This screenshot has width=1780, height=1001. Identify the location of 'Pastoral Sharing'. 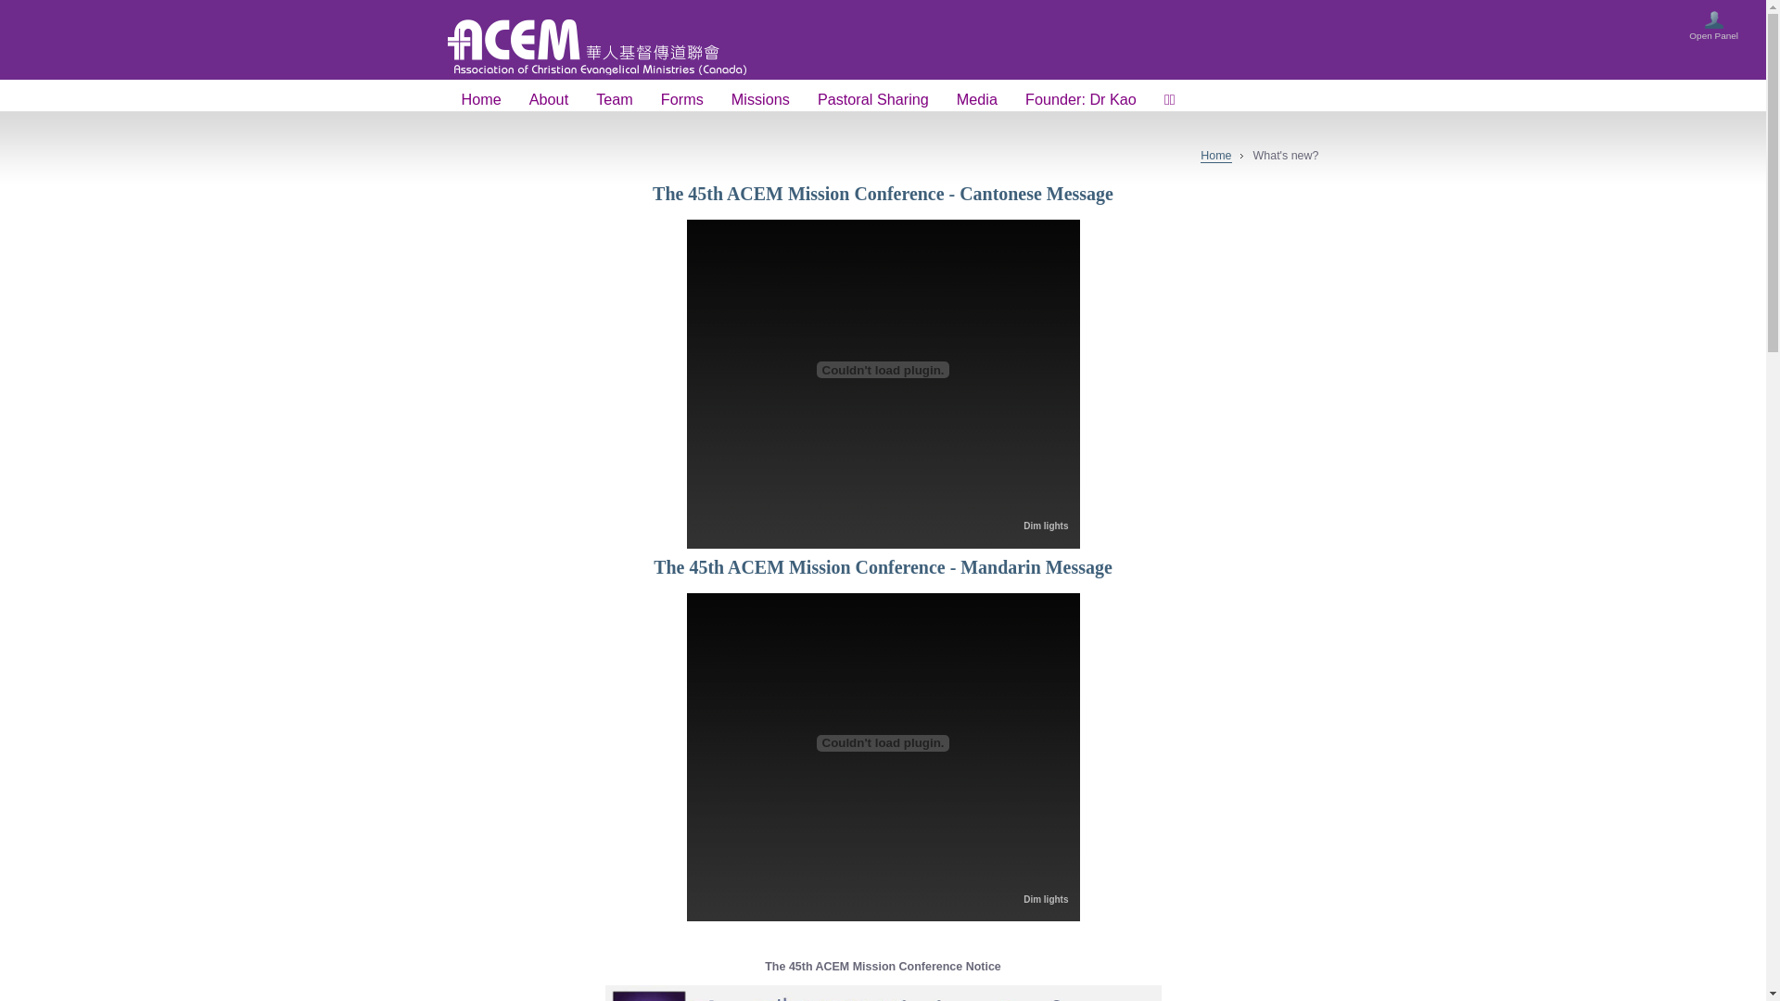
(871, 100).